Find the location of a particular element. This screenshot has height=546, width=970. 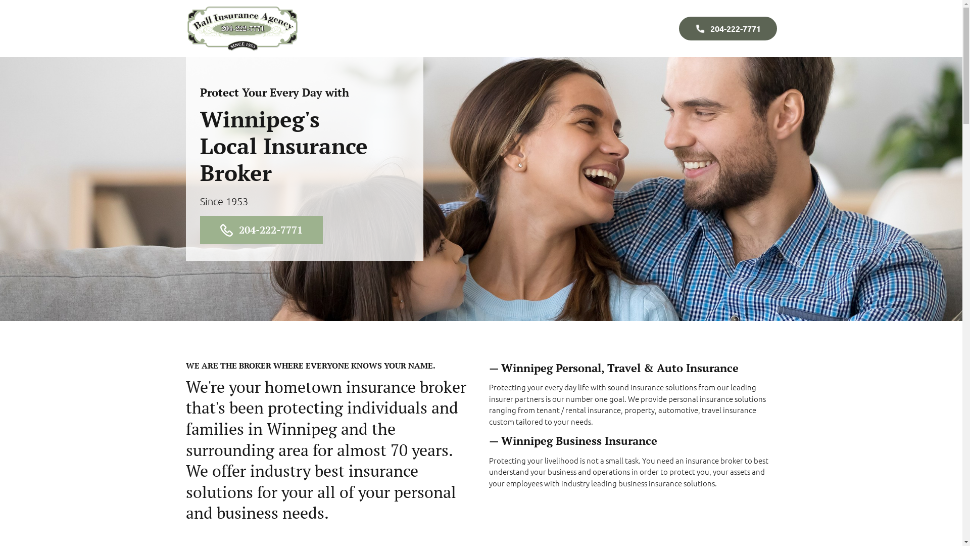

'204-222-7771' is located at coordinates (262, 230).